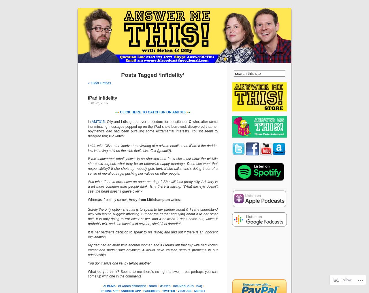 The width and height of the screenshot is (369, 293). I want to click on 'iPad infidelity', so click(102, 98).